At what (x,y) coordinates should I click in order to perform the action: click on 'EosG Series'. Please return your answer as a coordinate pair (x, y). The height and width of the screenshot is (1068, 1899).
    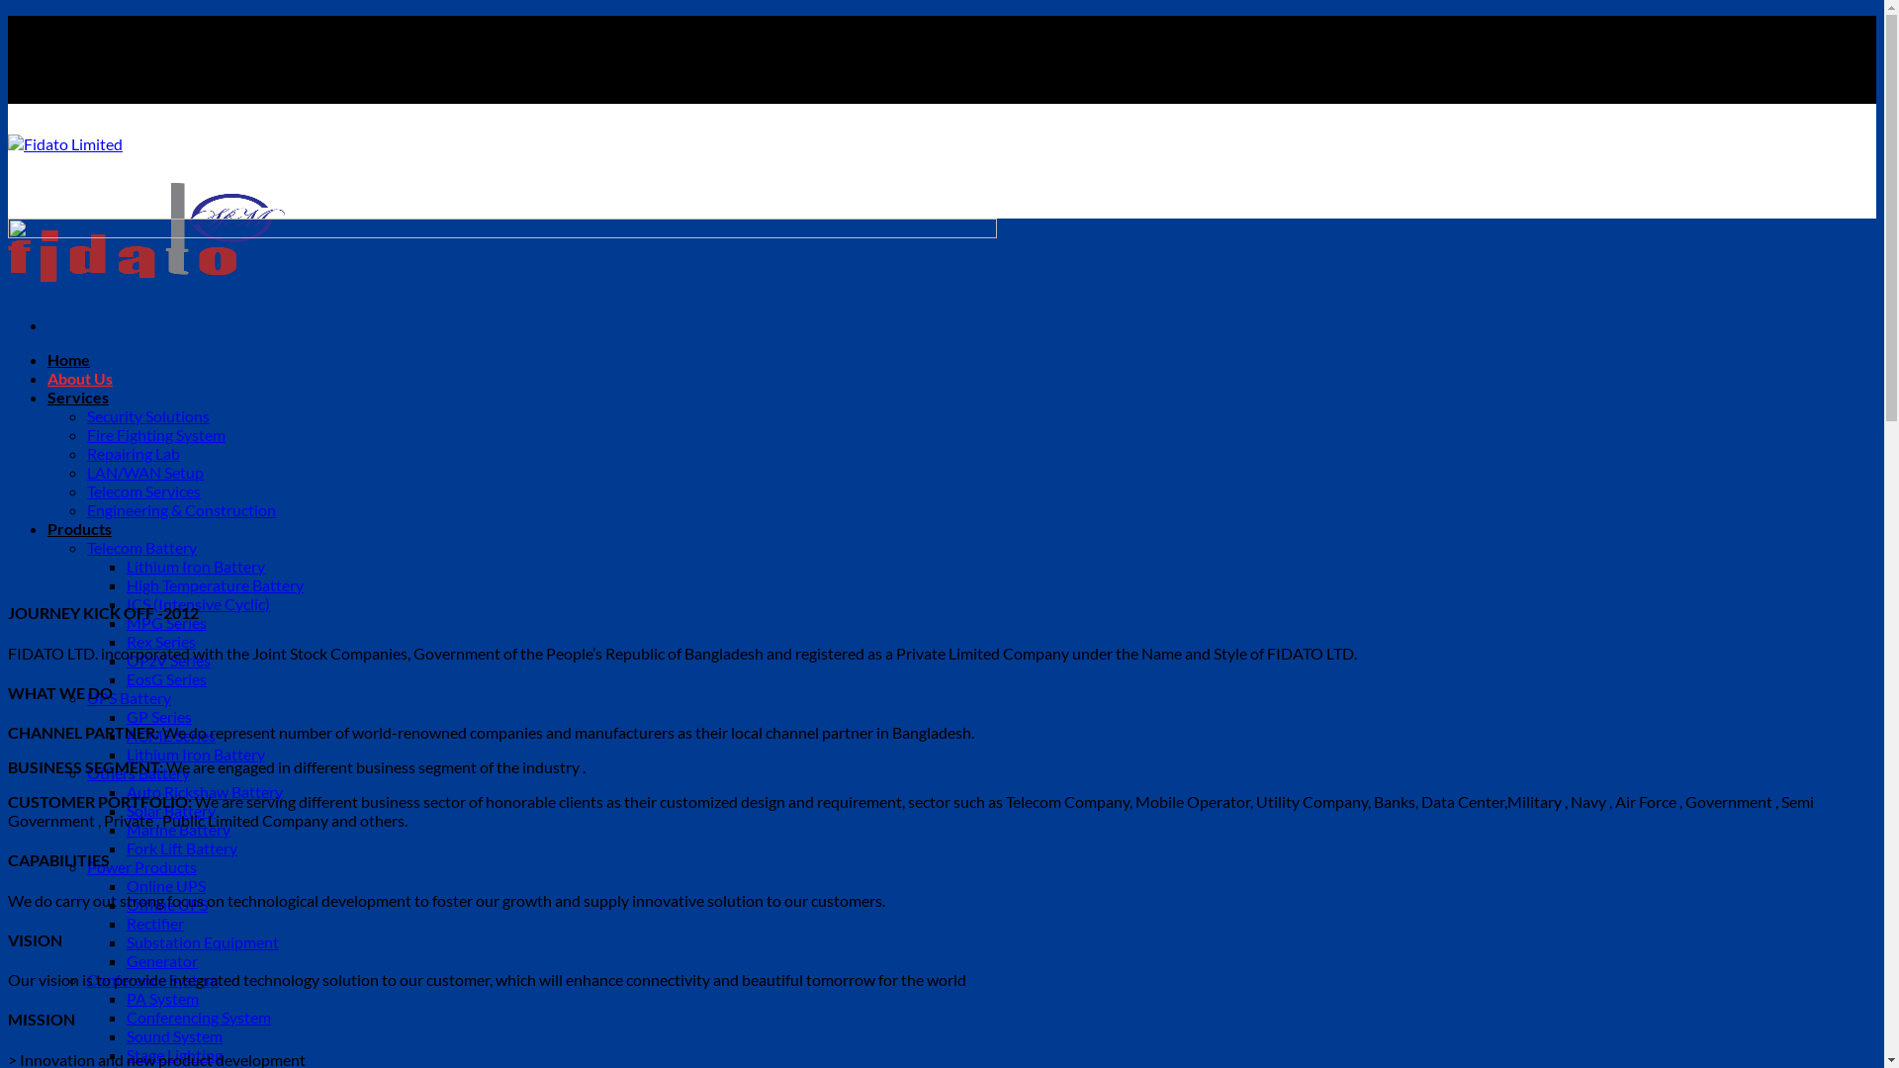
    Looking at the image, I should click on (166, 677).